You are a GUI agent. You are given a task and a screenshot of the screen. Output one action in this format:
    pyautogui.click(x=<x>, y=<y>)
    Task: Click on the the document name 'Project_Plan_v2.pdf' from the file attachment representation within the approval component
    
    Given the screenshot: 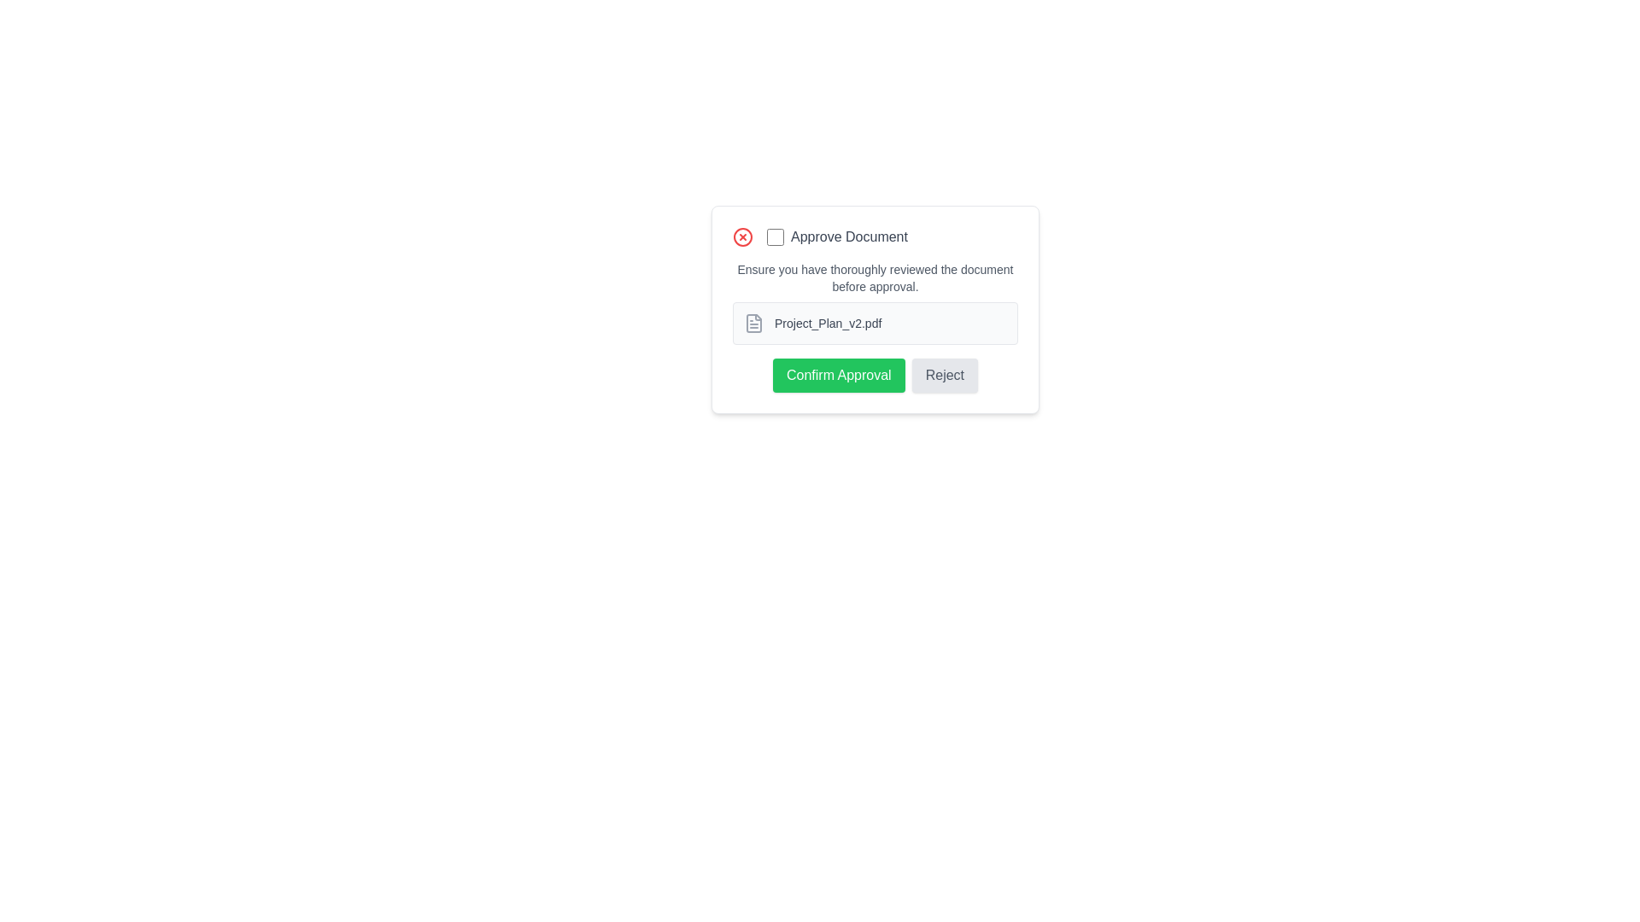 What is the action you would take?
    pyautogui.click(x=876, y=326)
    